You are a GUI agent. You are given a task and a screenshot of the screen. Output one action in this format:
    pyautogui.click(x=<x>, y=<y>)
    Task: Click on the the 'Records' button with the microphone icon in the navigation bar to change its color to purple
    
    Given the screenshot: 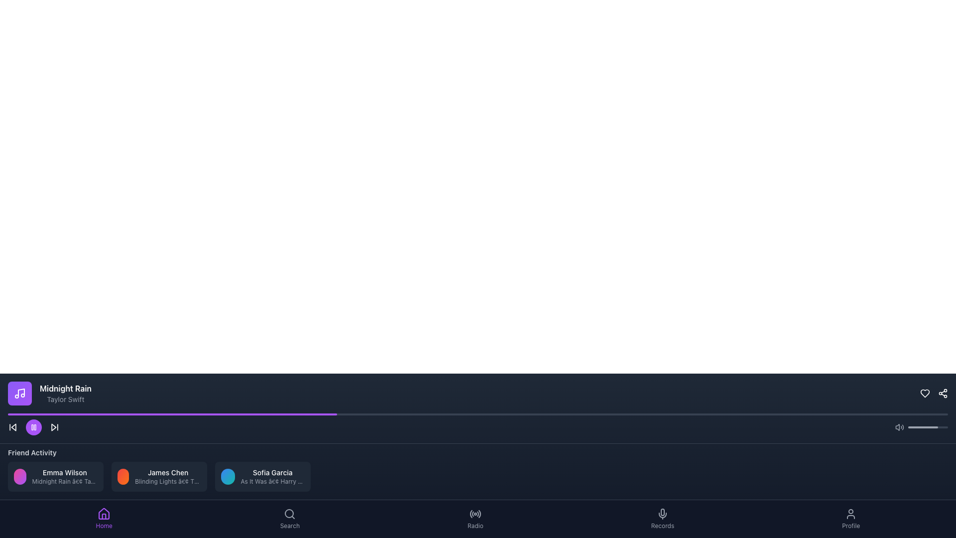 What is the action you would take?
    pyautogui.click(x=662, y=518)
    